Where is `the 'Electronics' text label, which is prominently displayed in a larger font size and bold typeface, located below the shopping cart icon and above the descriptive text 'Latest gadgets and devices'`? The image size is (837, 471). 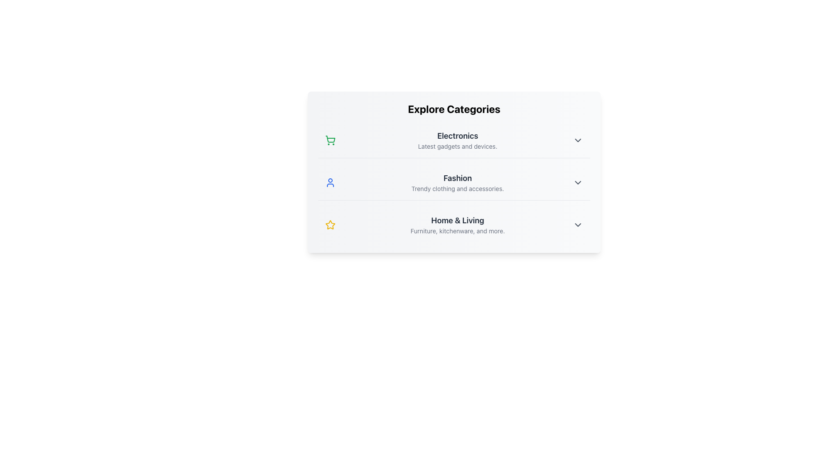
the 'Electronics' text label, which is prominently displayed in a larger font size and bold typeface, located below the shopping cart icon and above the descriptive text 'Latest gadgets and devices' is located at coordinates (457, 136).